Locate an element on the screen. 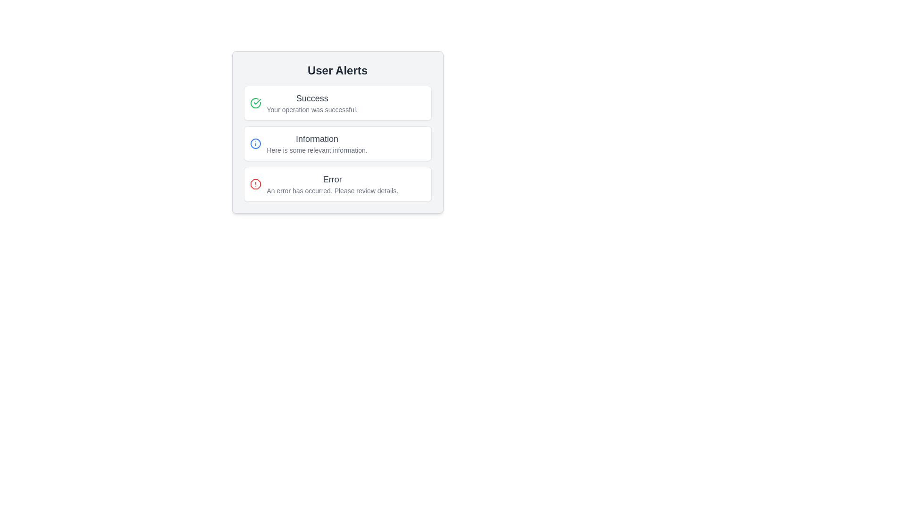  text content of the text area displaying the error message titled 'Error' with the subtitle 'An error has occurred. Please review details.' is located at coordinates (332, 184).